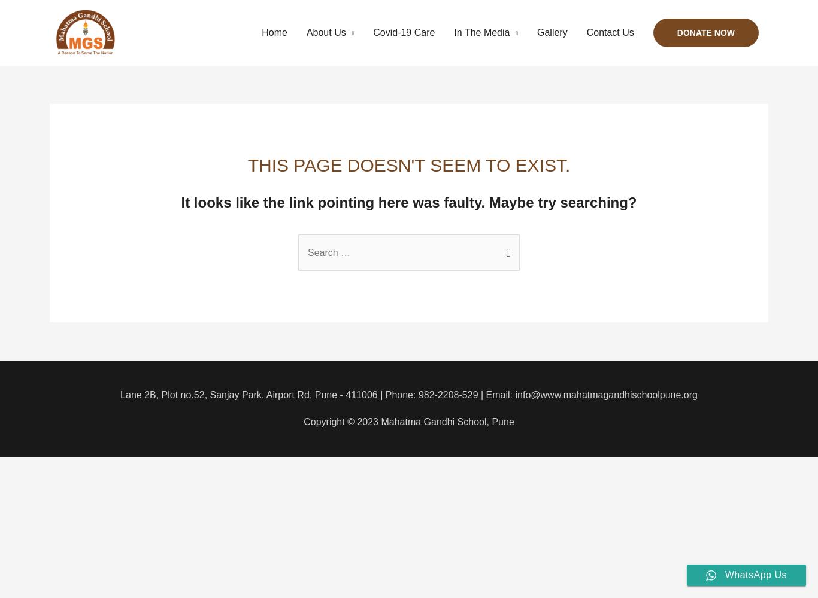  Describe the element at coordinates (705, 33) in the screenshot. I see `'Donate Now'` at that location.